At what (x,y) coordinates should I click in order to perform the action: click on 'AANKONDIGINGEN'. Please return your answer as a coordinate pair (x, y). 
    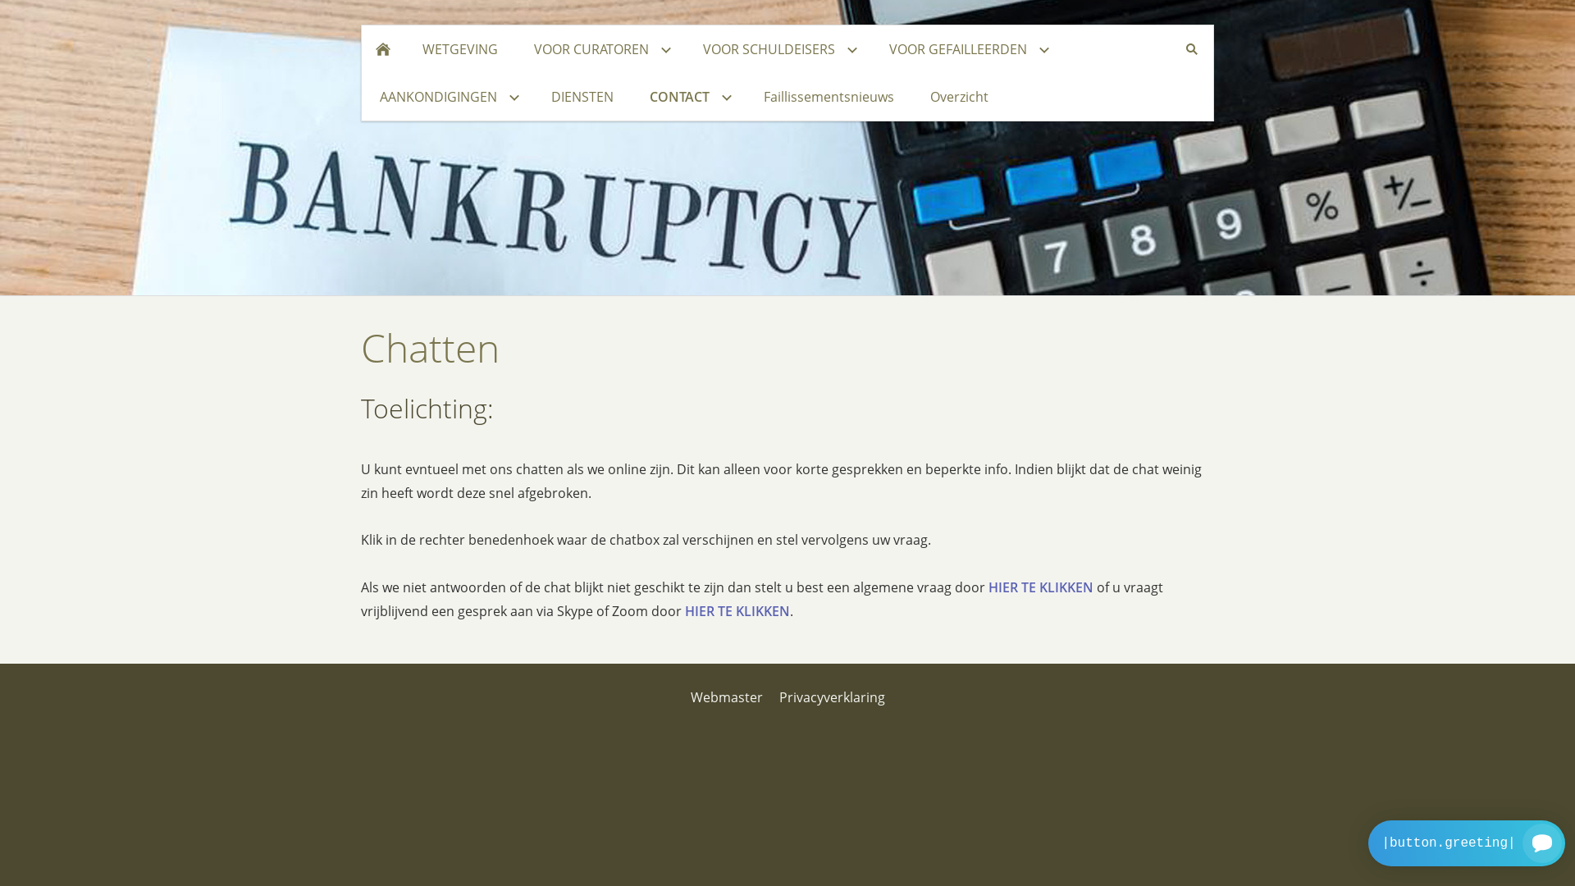
    Looking at the image, I should click on (447, 97).